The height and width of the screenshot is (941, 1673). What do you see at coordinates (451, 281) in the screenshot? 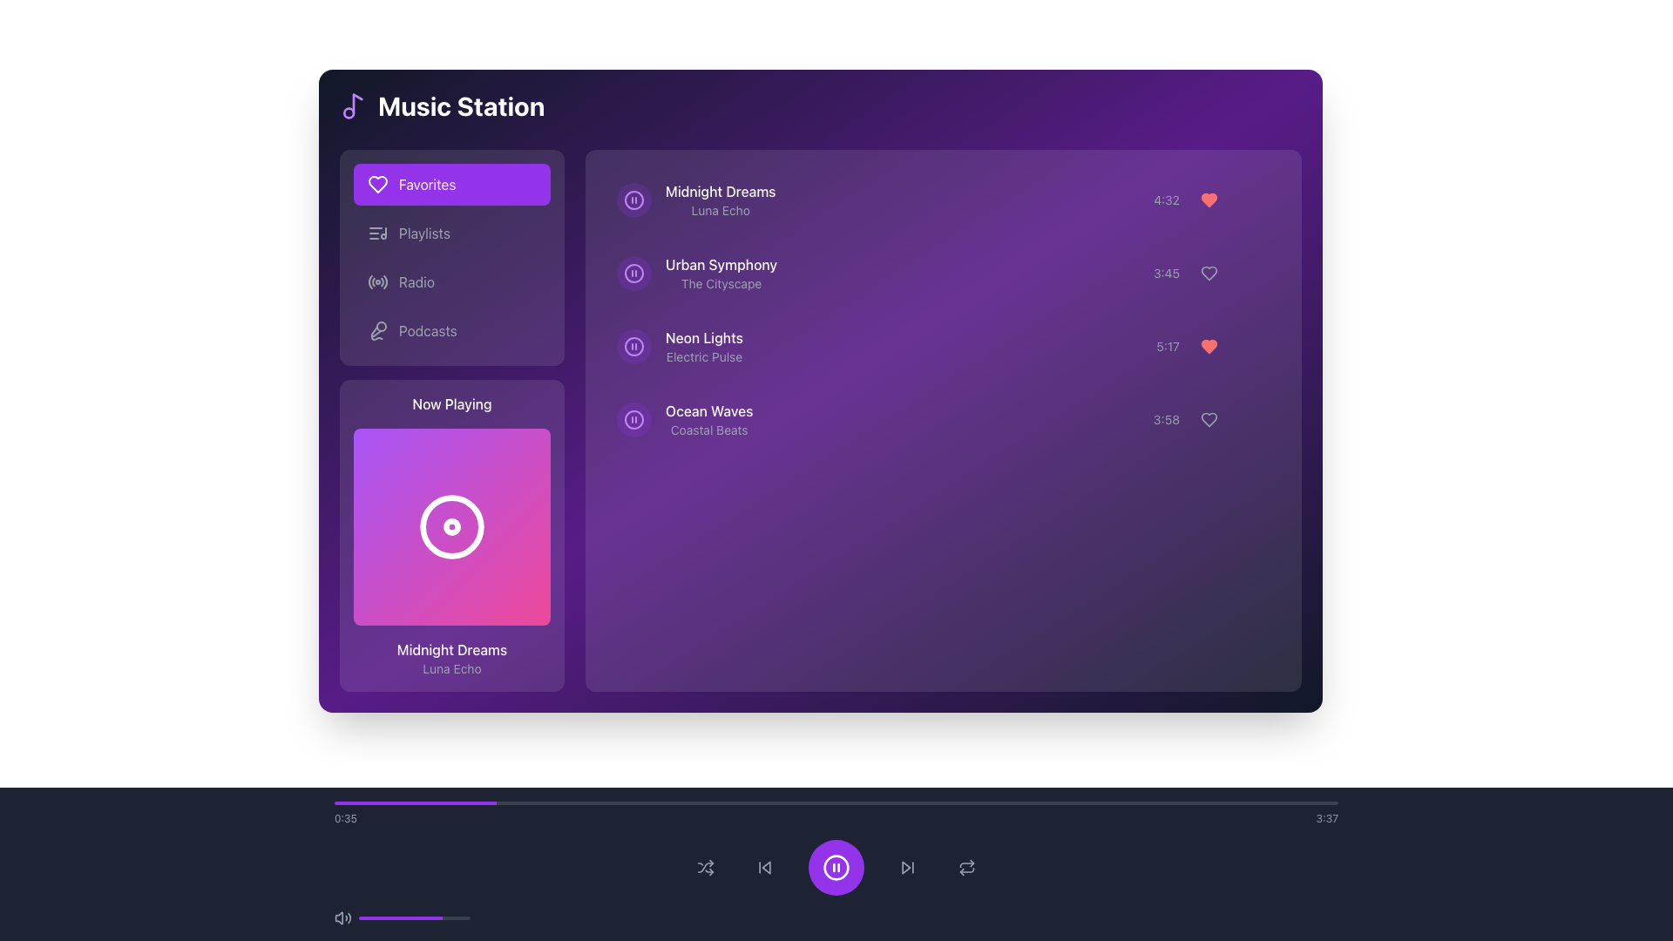
I see `the 'Radio' button in the vertical menu on the left side` at bounding box center [451, 281].